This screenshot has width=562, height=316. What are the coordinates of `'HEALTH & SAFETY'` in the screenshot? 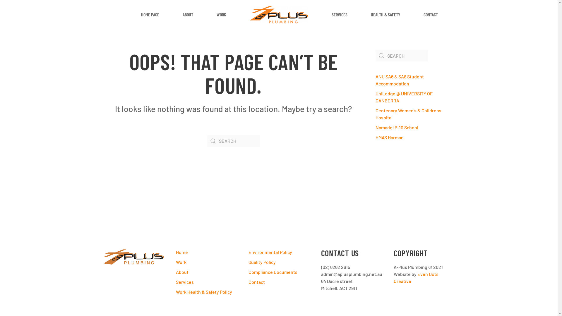 It's located at (385, 14).